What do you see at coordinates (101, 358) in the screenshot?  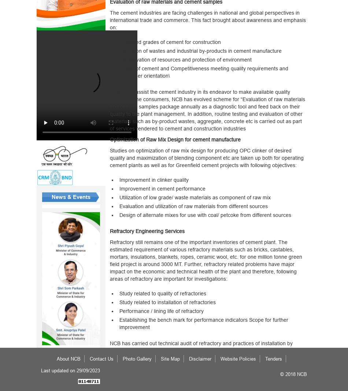 I see `'Contact us'` at bounding box center [101, 358].